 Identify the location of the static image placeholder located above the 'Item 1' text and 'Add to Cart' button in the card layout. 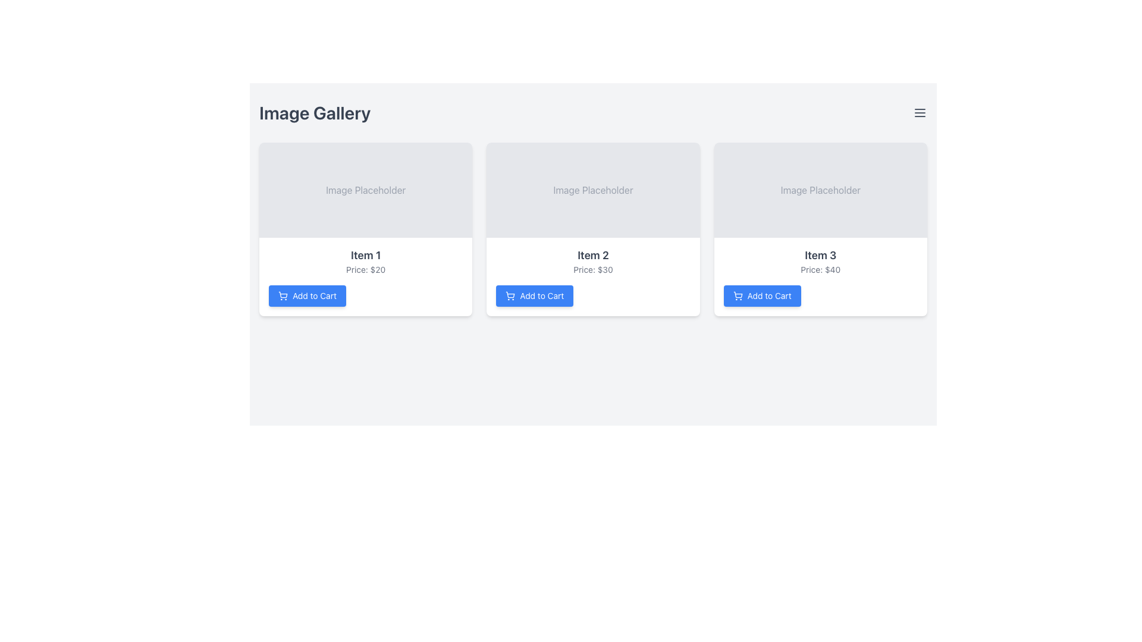
(365, 190).